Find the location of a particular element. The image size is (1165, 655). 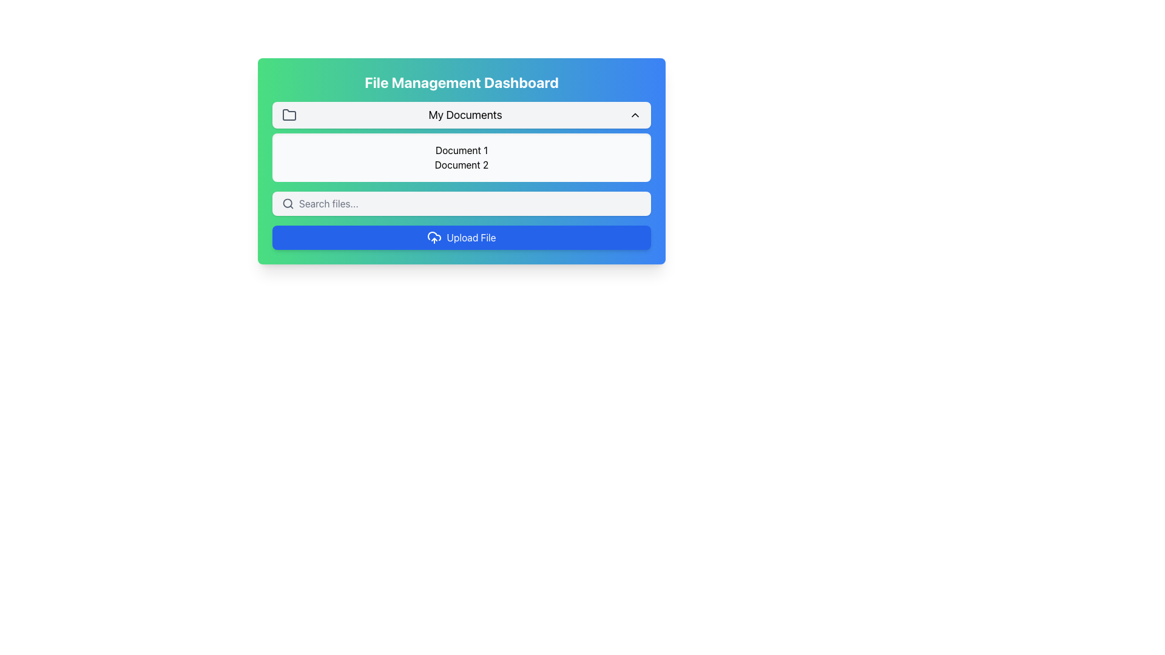

the graphical icon representing a folder, located at the top section of the file management dashboard, first icon in the 'My Documents' row is located at coordinates (288, 115).